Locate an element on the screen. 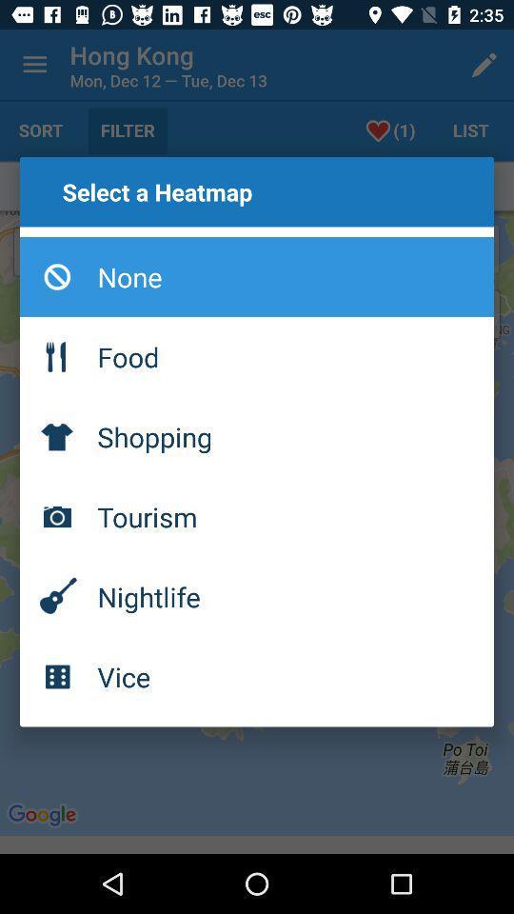 The image size is (514, 914). icon below select a heatmap is located at coordinates (257, 275).